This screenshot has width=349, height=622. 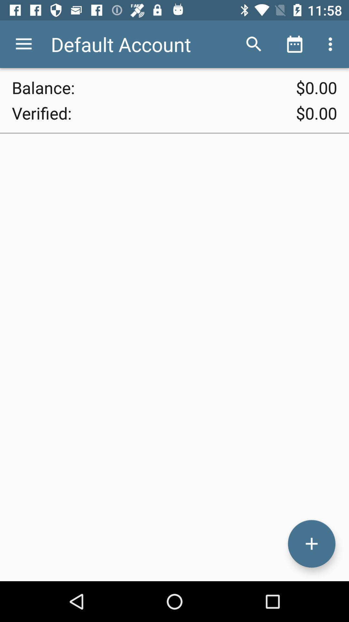 What do you see at coordinates (311, 544) in the screenshot?
I see `button` at bounding box center [311, 544].